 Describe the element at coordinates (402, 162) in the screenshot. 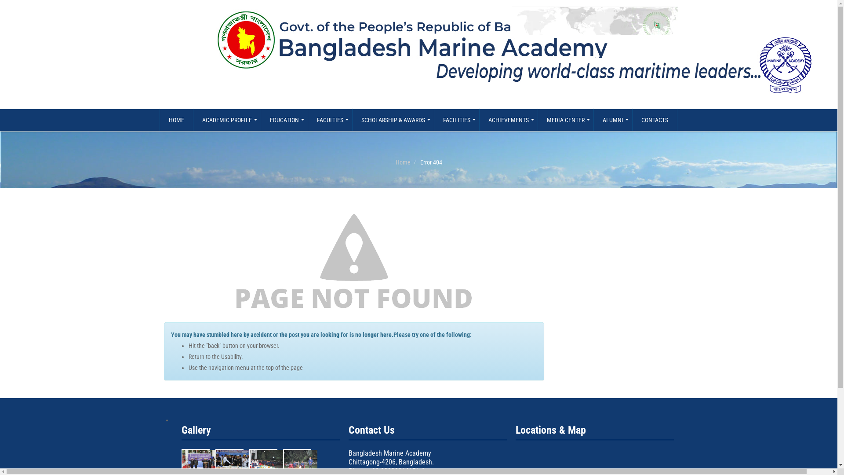

I see `'Home'` at that location.